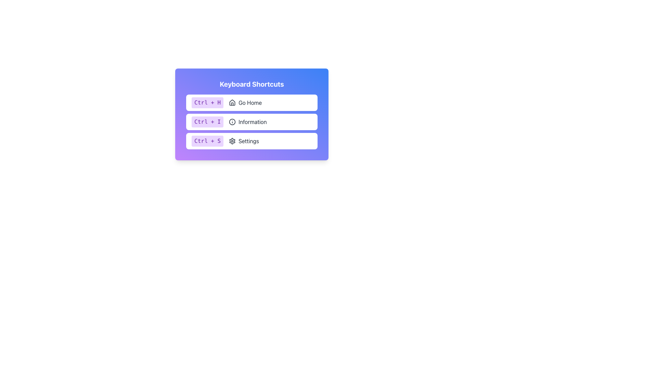 The height and width of the screenshot is (370, 657). What do you see at coordinates (207, 103) in the screenshot?
I see `the keyboard shortcut text label indicating 'Ctrl + H'` at bounding box center [207, 103].